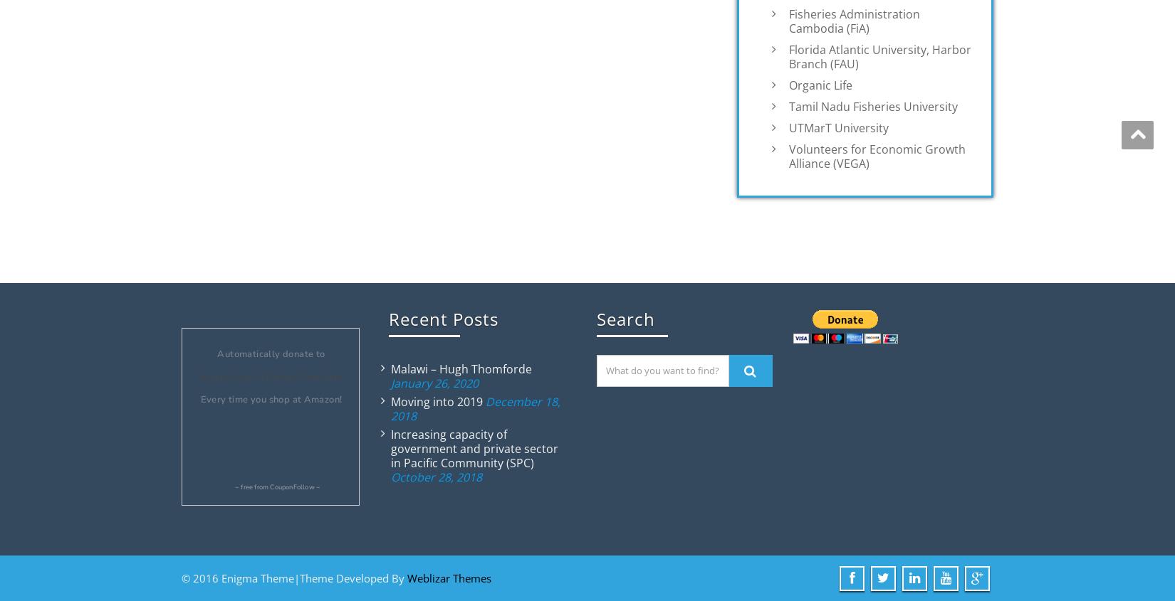 This screenshot has height=601, width=1175. I want to click on 'Tamil Nadu Fisheries University', so click(788, 105).